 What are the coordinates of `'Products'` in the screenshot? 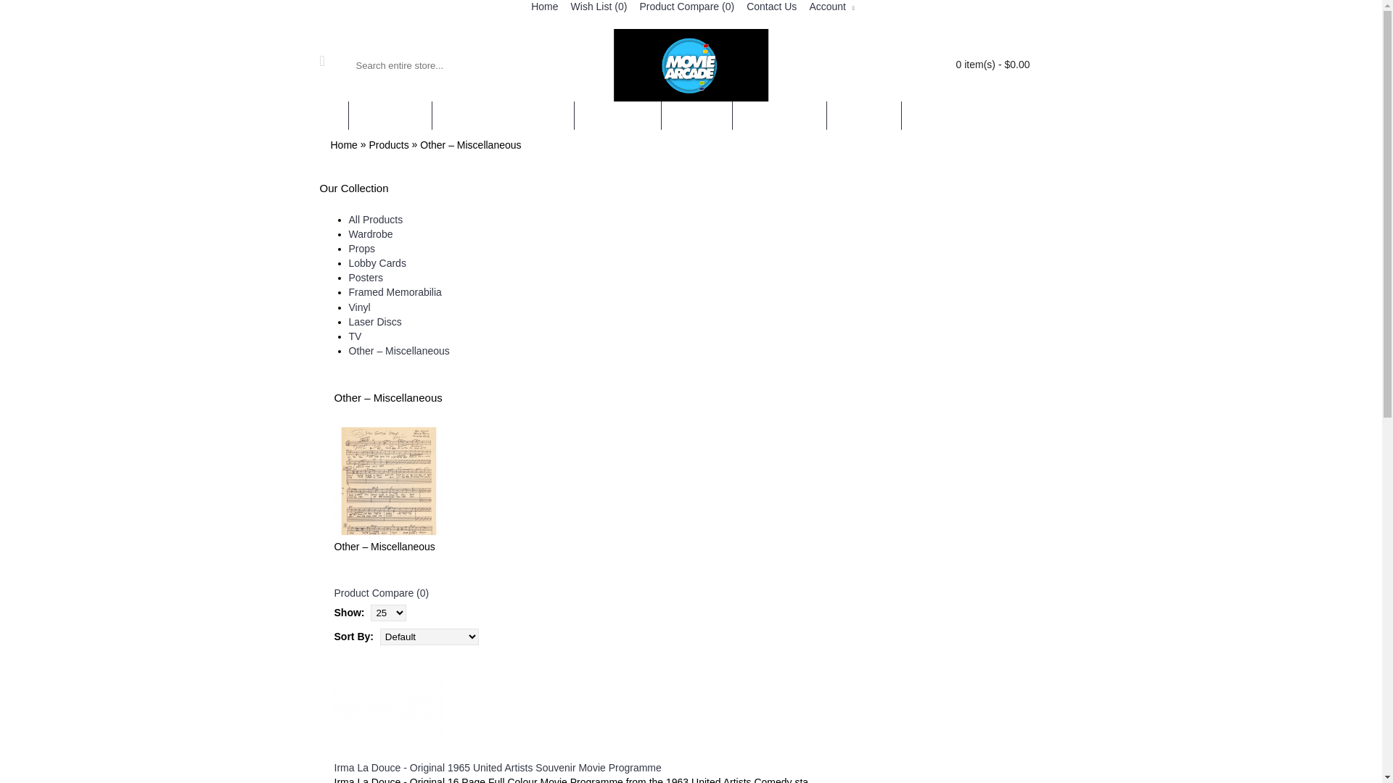 It's located at (388, 145).